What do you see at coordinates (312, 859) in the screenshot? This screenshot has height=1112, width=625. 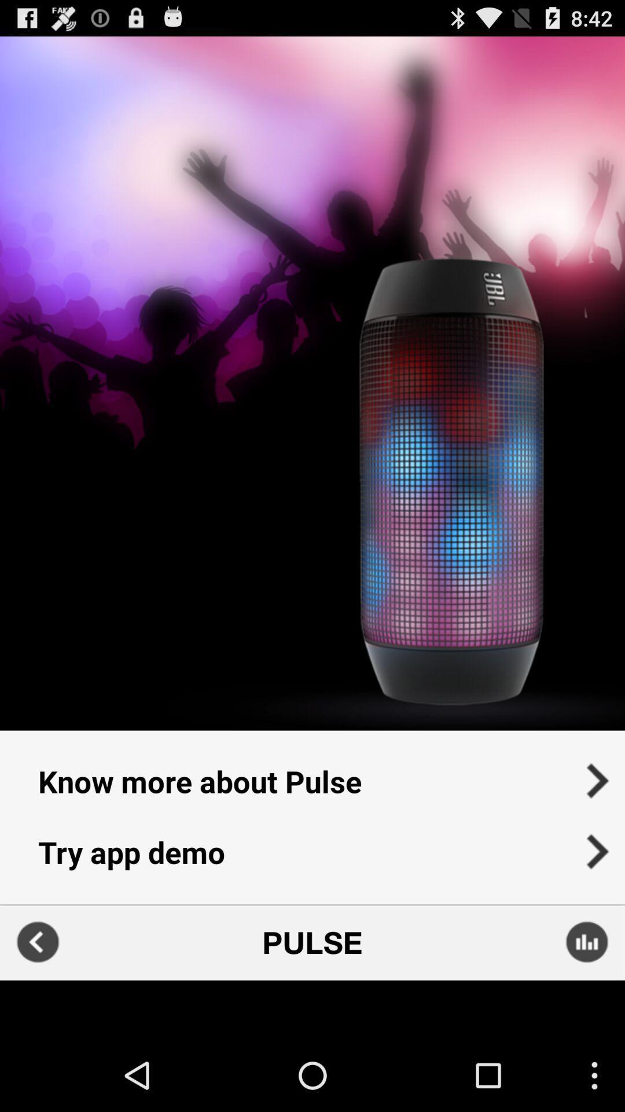 I see `icon below the know more about icon` at bounding box center [312, 859].